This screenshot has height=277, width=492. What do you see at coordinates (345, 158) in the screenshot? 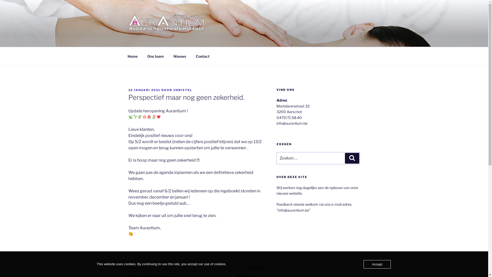
I see `'Zoeken'` at bounding box center [345, 158].